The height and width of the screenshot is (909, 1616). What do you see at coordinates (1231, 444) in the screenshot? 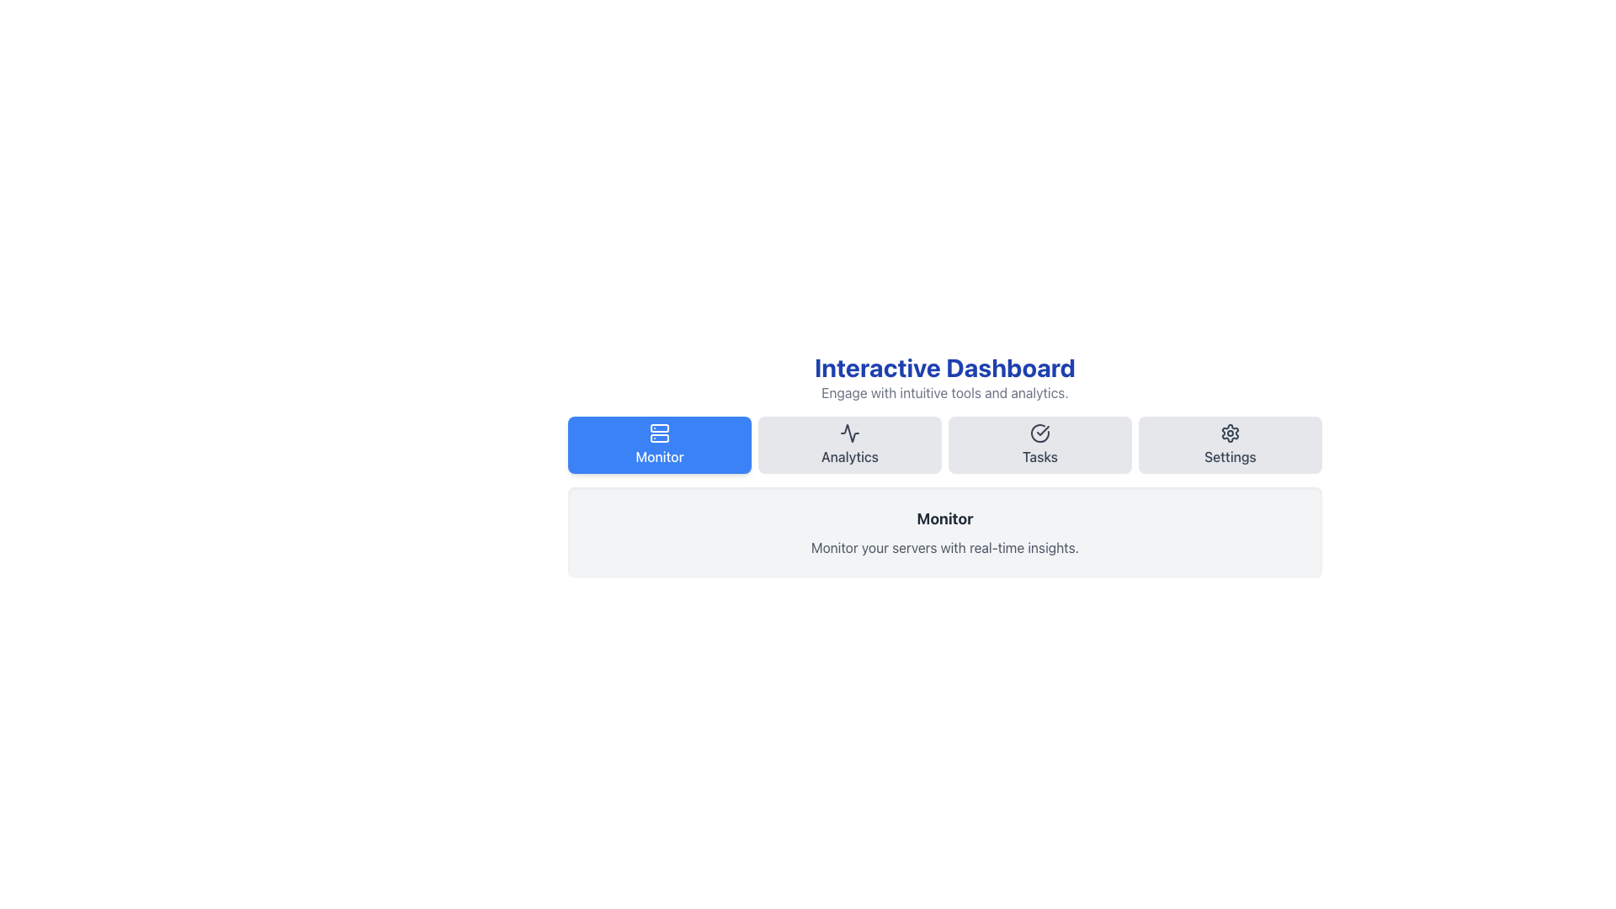
I see `the settings navigation button, the fourth button in a horizontal row` at bounding box center [1231, 444].